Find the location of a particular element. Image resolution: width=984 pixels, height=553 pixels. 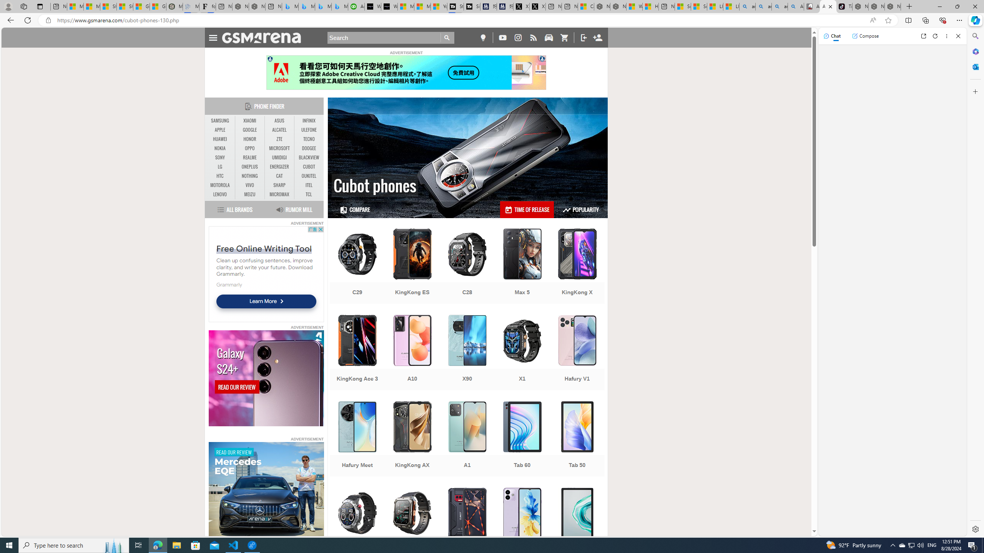

'TECNO' is located at coordinates (309, 139).